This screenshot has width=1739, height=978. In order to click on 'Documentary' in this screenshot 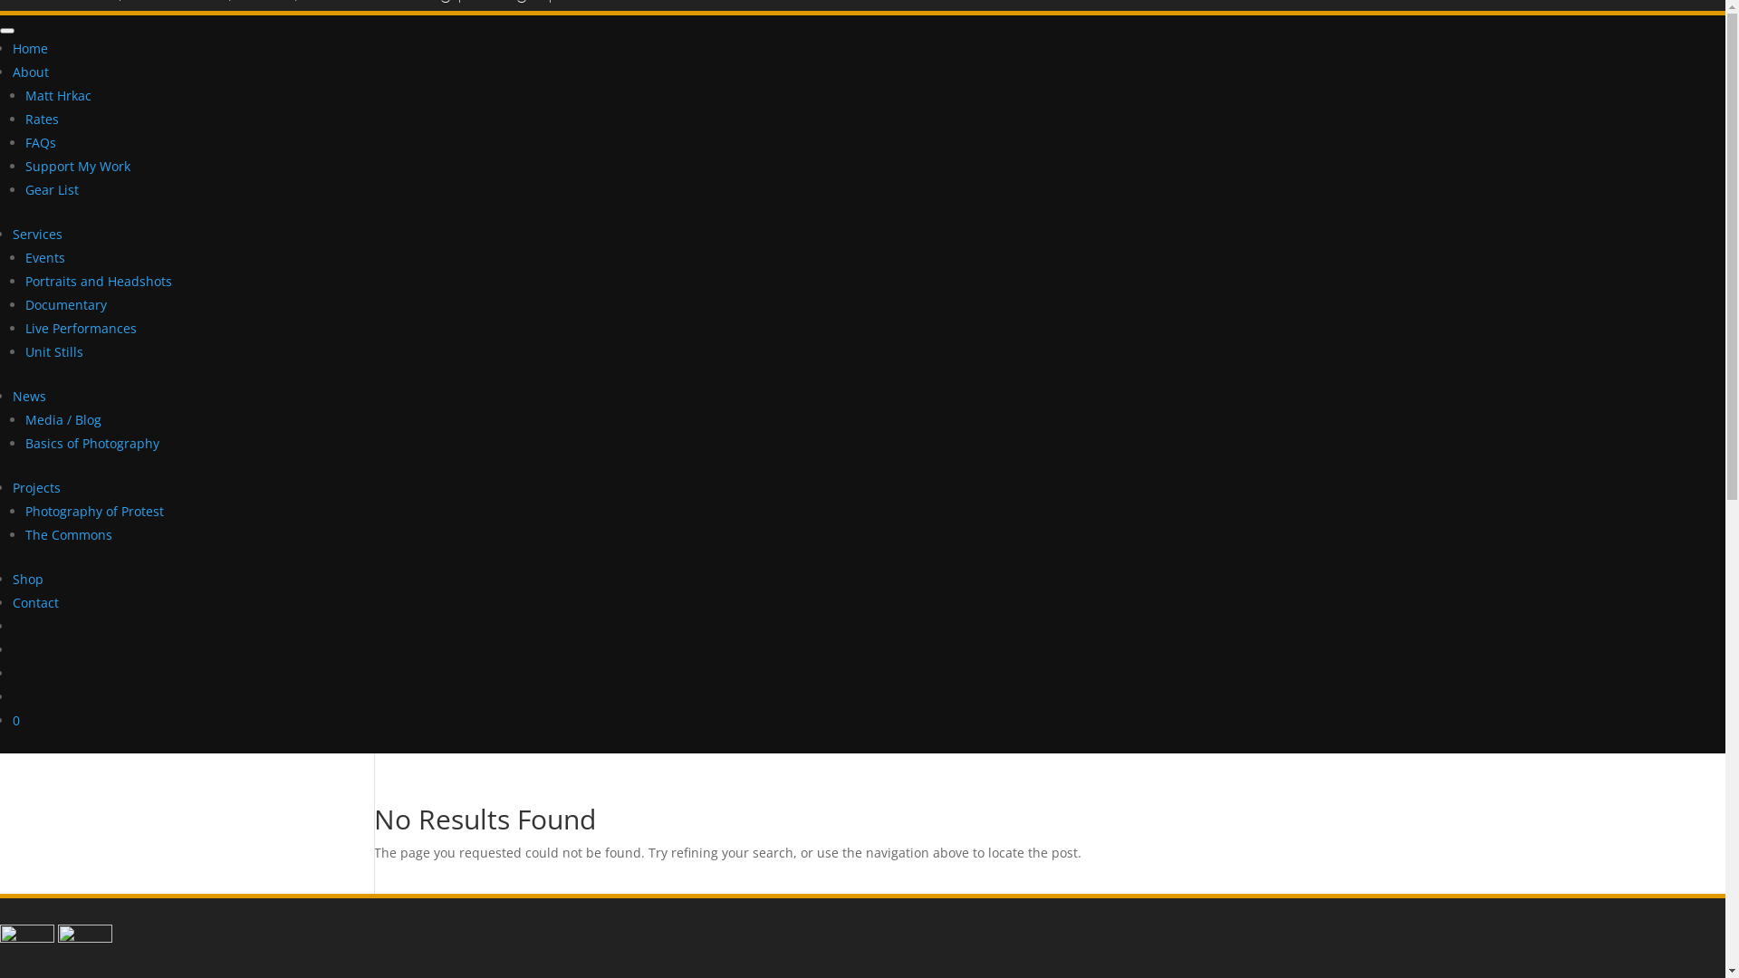, I will do `click(65, 303)`.